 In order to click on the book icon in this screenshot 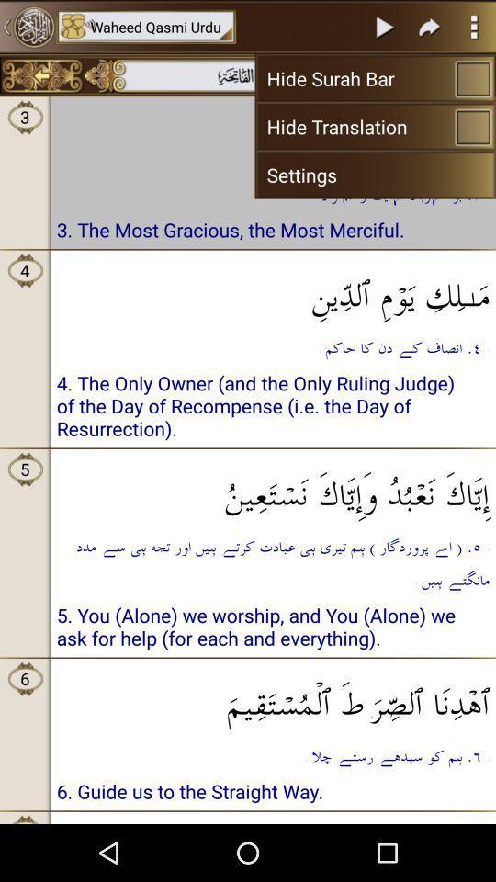, I will do `click(453, 81)`.